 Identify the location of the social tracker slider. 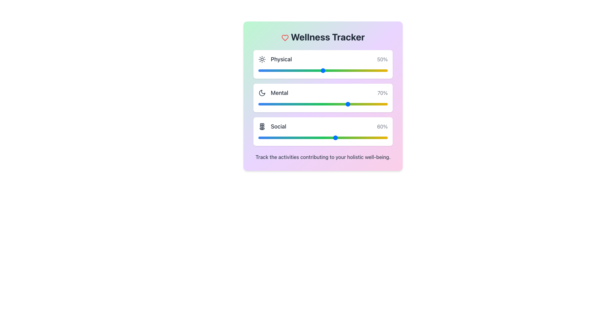
(275, 138).